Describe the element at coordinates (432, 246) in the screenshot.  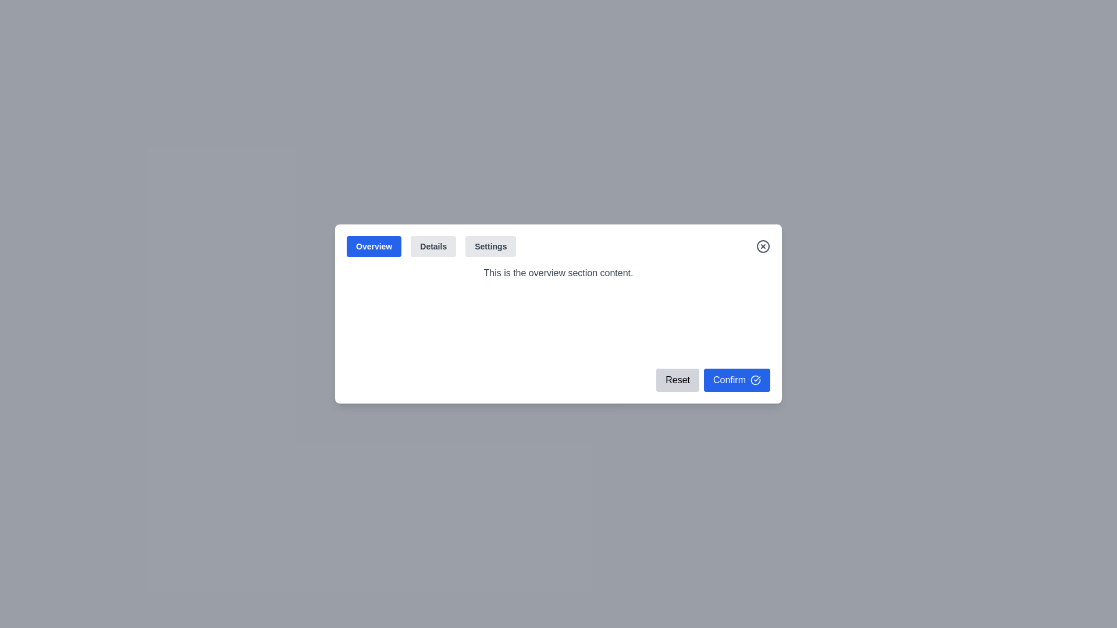
I see `the tab labeled Details to view its content` at that location.